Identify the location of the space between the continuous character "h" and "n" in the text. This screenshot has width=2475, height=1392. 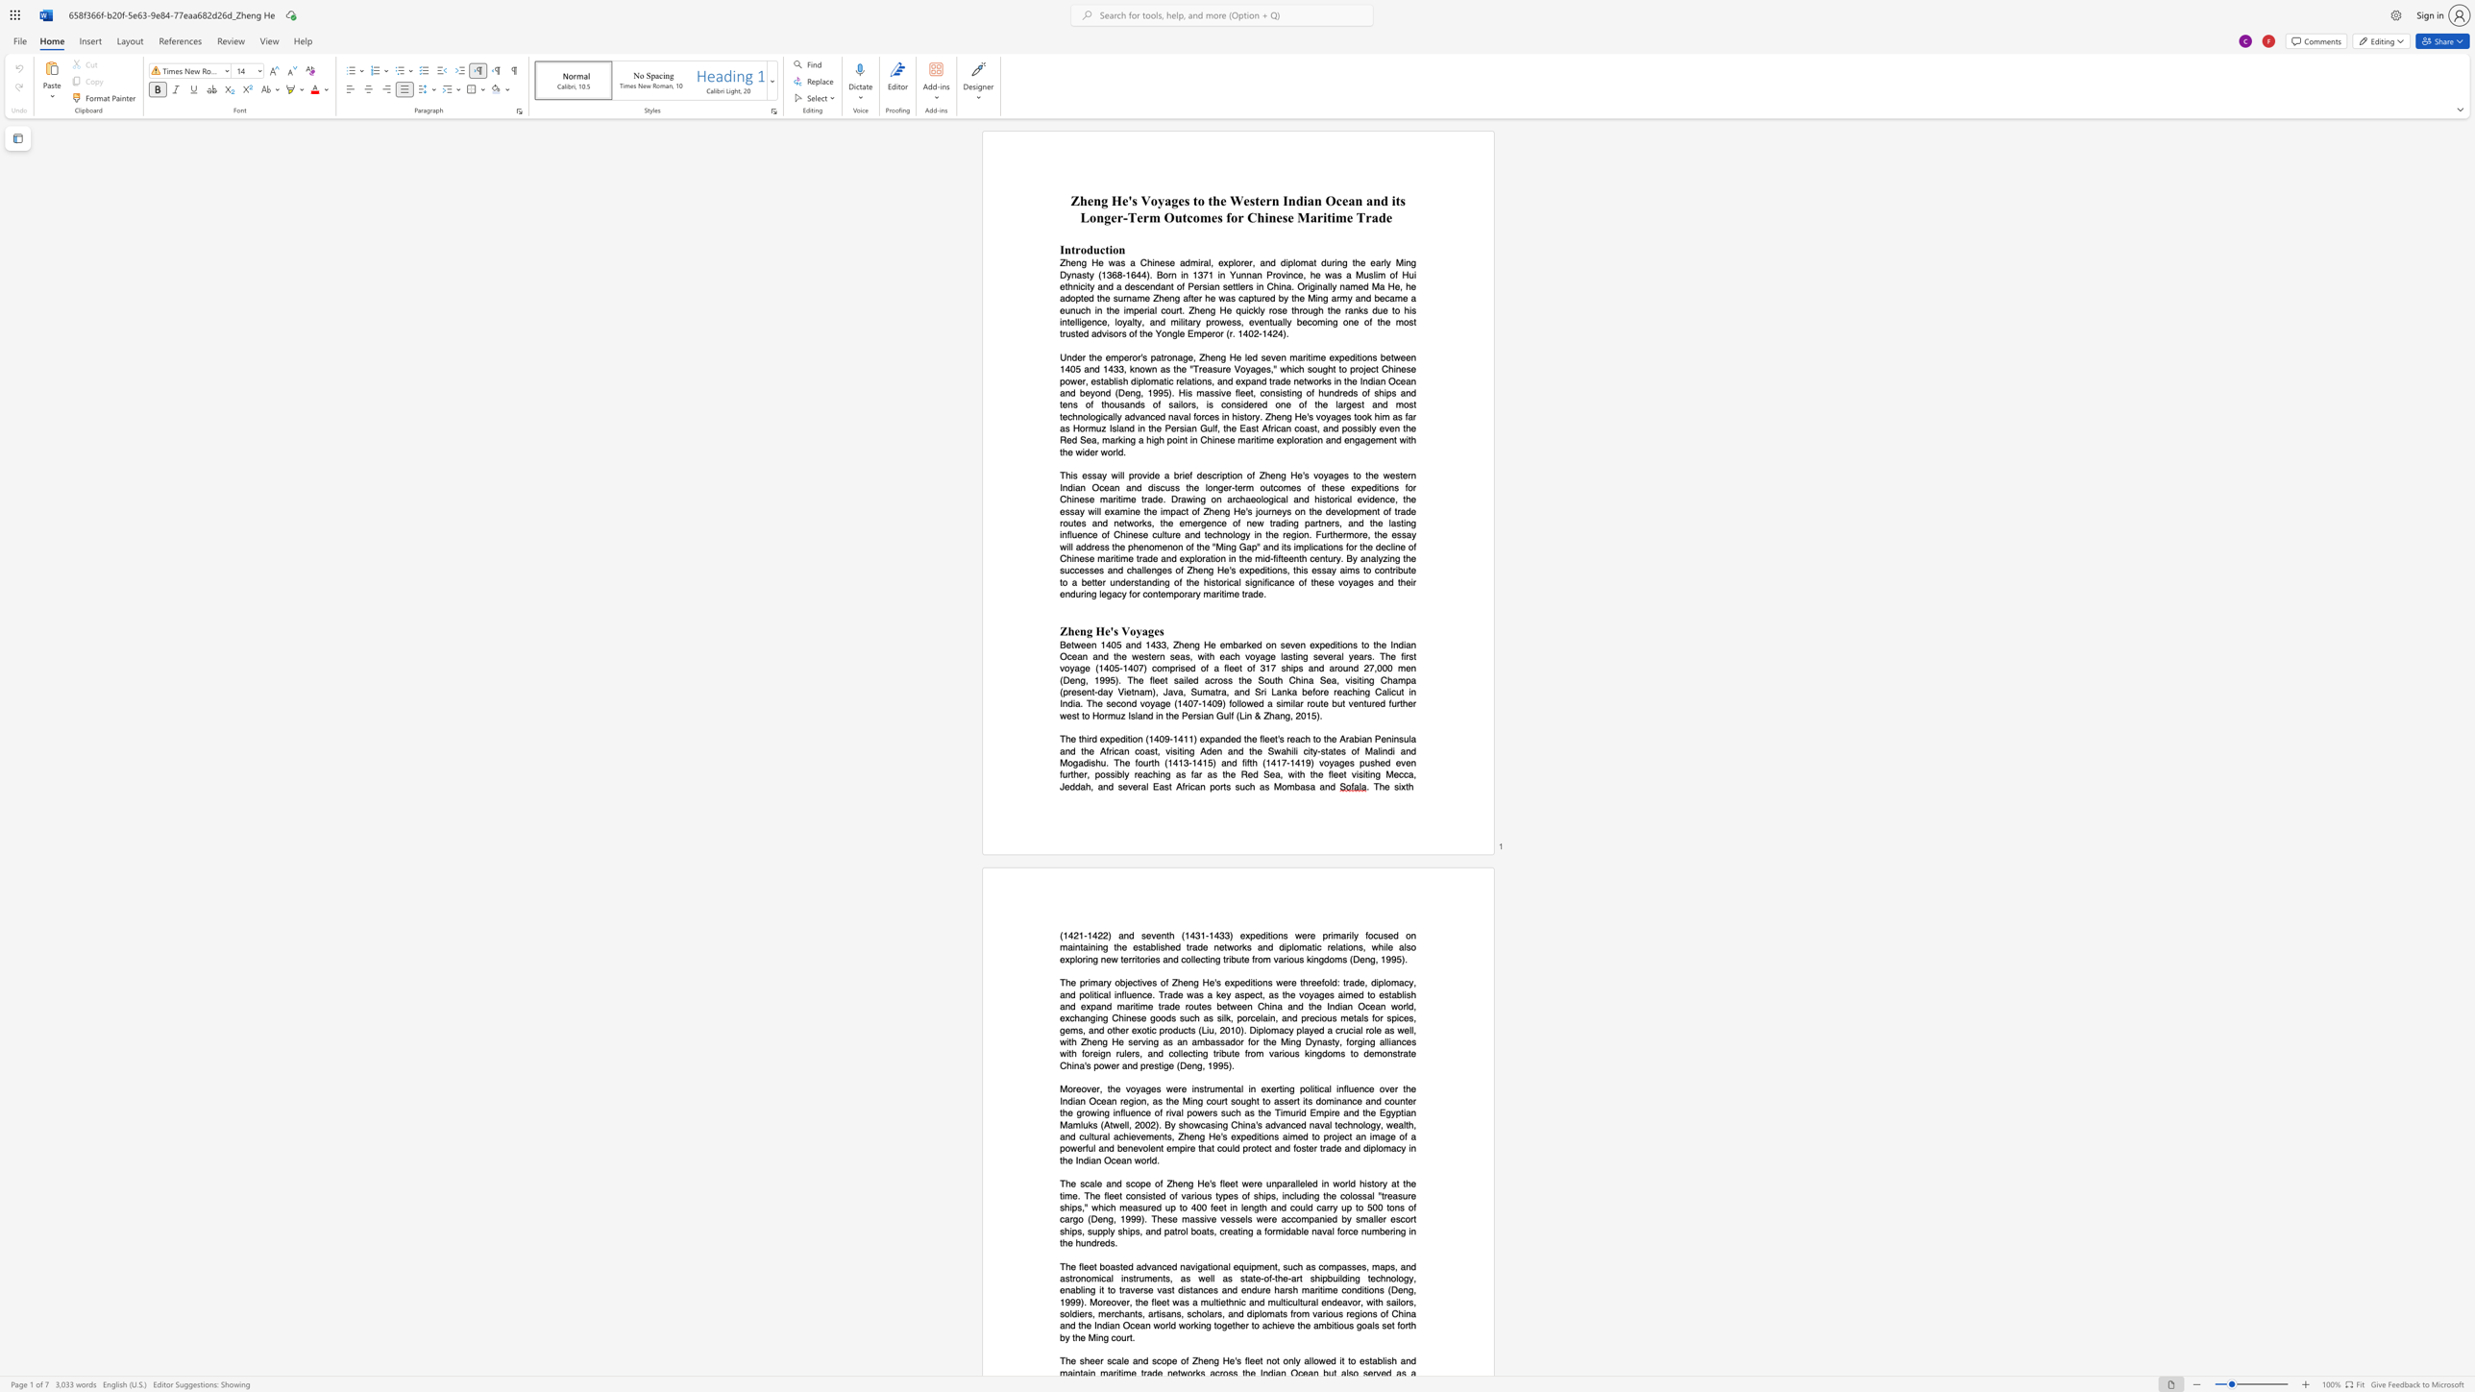
(1078, 416).